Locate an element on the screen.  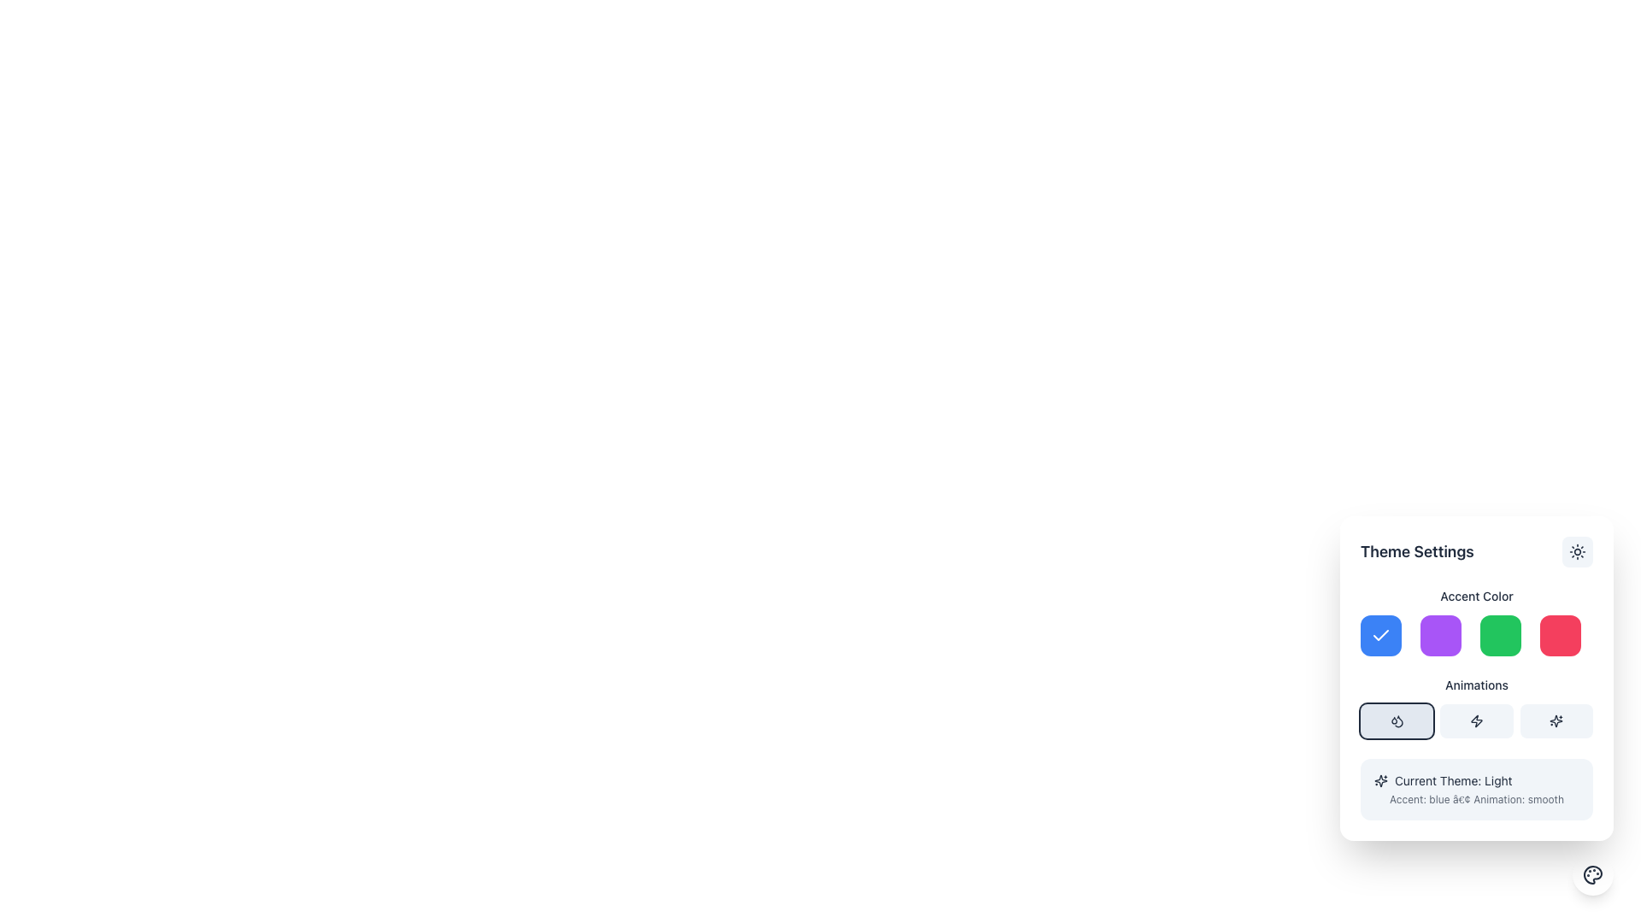
the lightning bolt icon in the 'Theme Settings' card under the 'Animations' section is located at coordinates (1476, 721).